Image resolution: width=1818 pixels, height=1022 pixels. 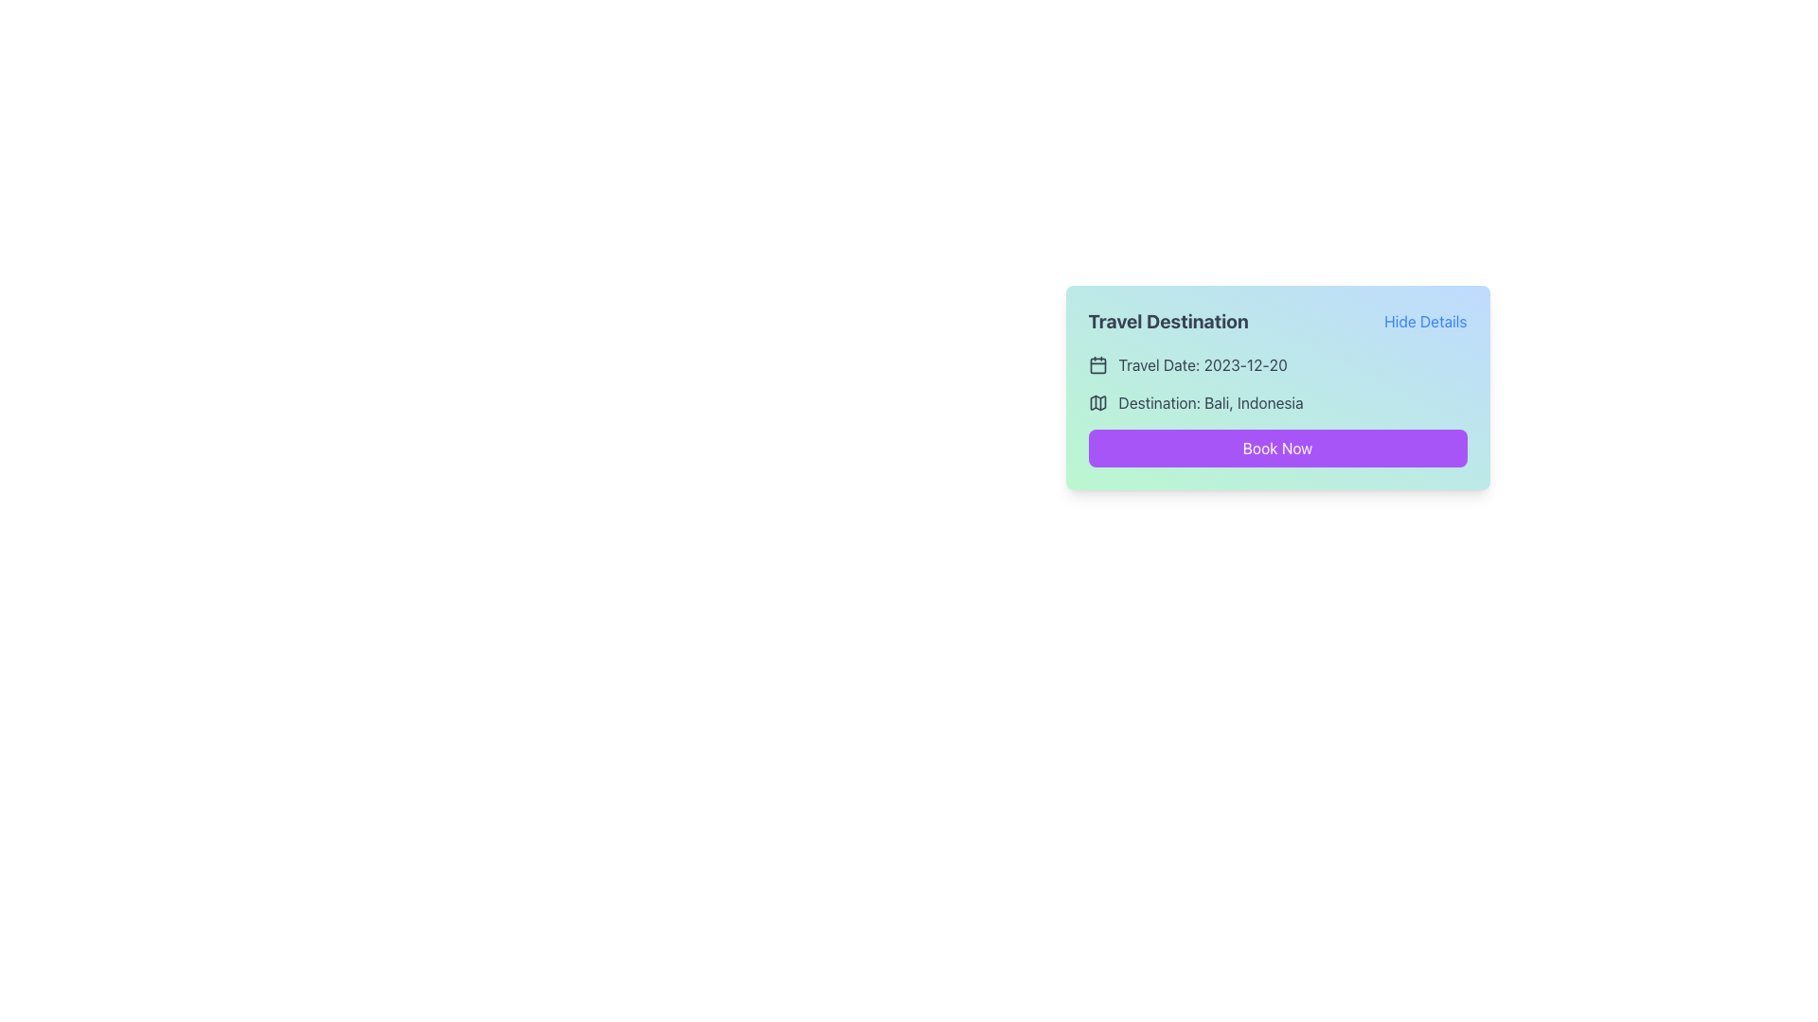 I want to click on the graphical map icon located in the second row of the details section within the travel information card, which is positioned to the left of the text 'Destination: Bali, Indonesia', so click(x=1097, y=401).